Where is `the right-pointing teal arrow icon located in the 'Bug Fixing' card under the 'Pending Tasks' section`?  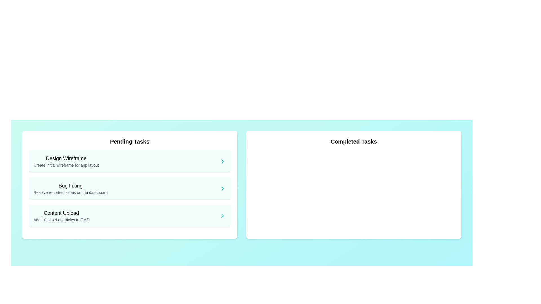 the right-pointing teal arrow icon located in the 'Bug Fixing' card under the 'Pending Tasks' section is located at coordinates (222, 189).